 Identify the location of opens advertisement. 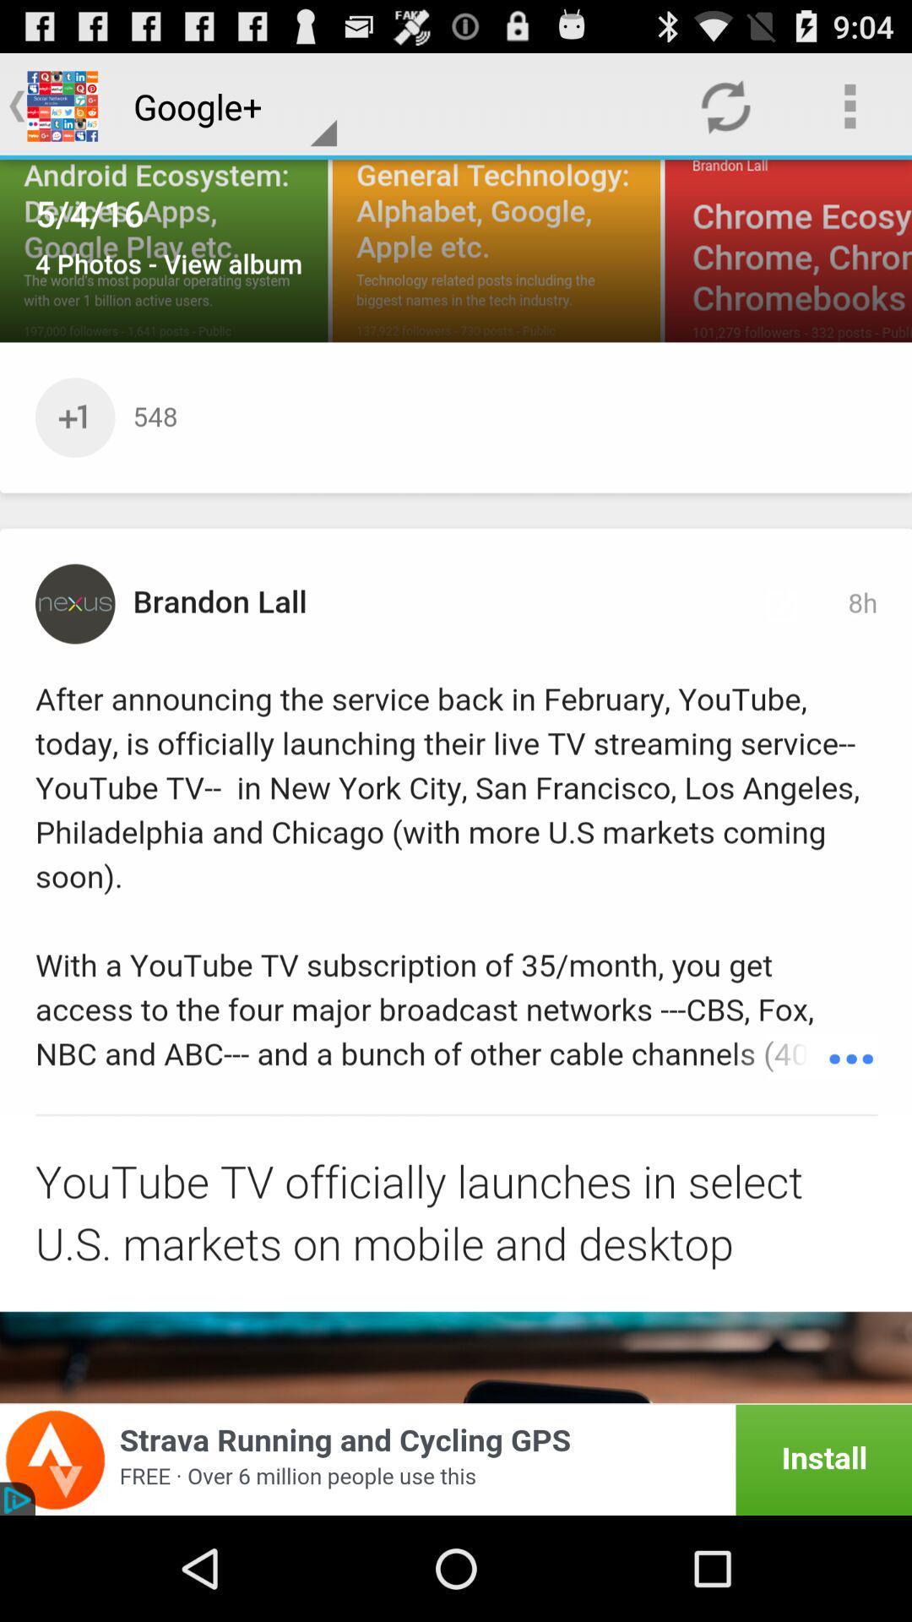
(456, 1459).